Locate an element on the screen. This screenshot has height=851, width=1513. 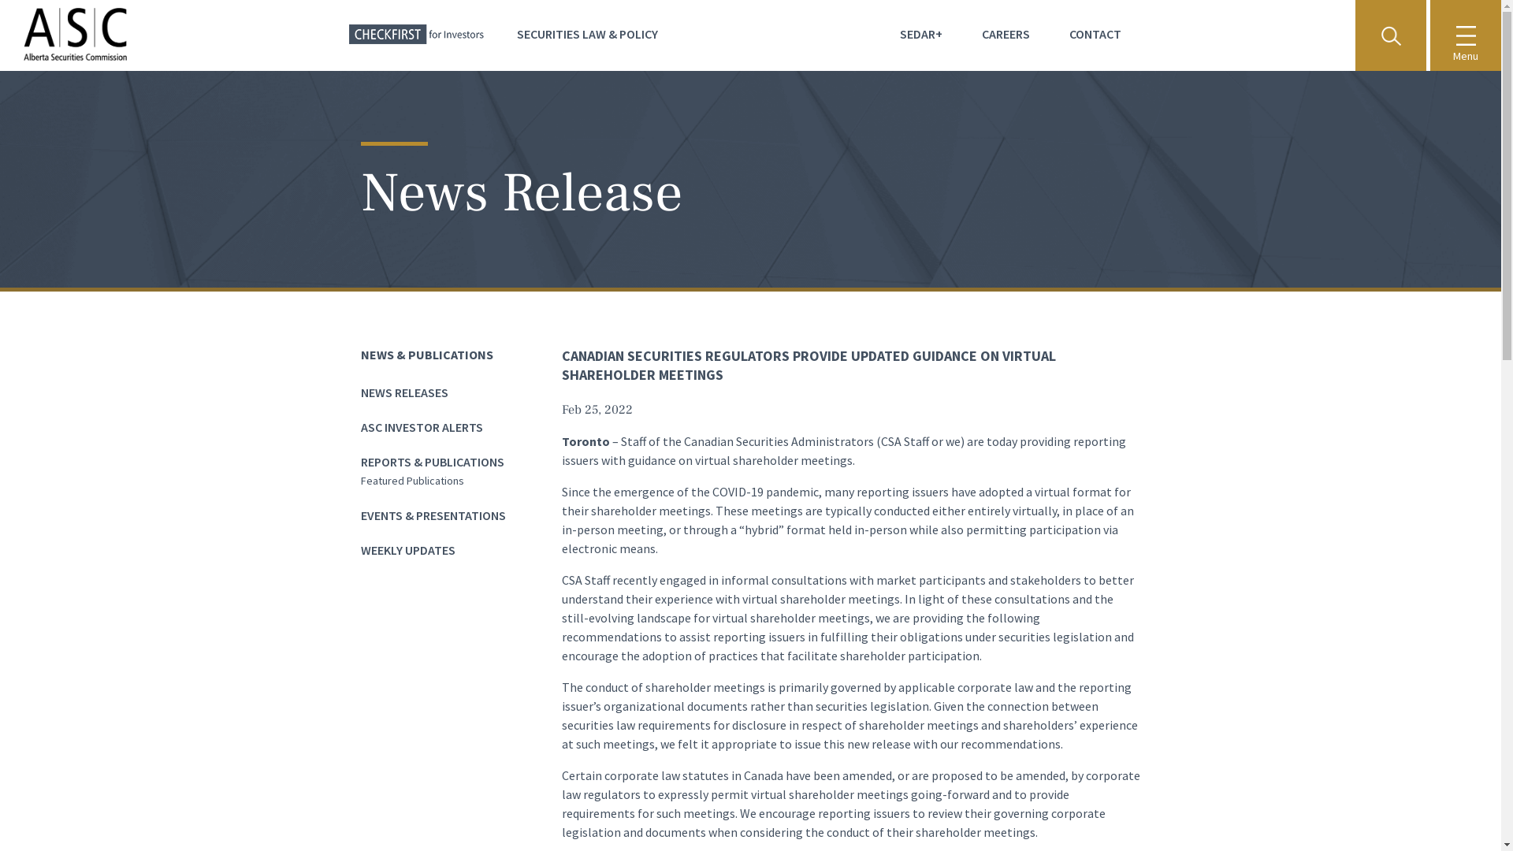
'CAREERS' is located at coordinates (1005, 33).